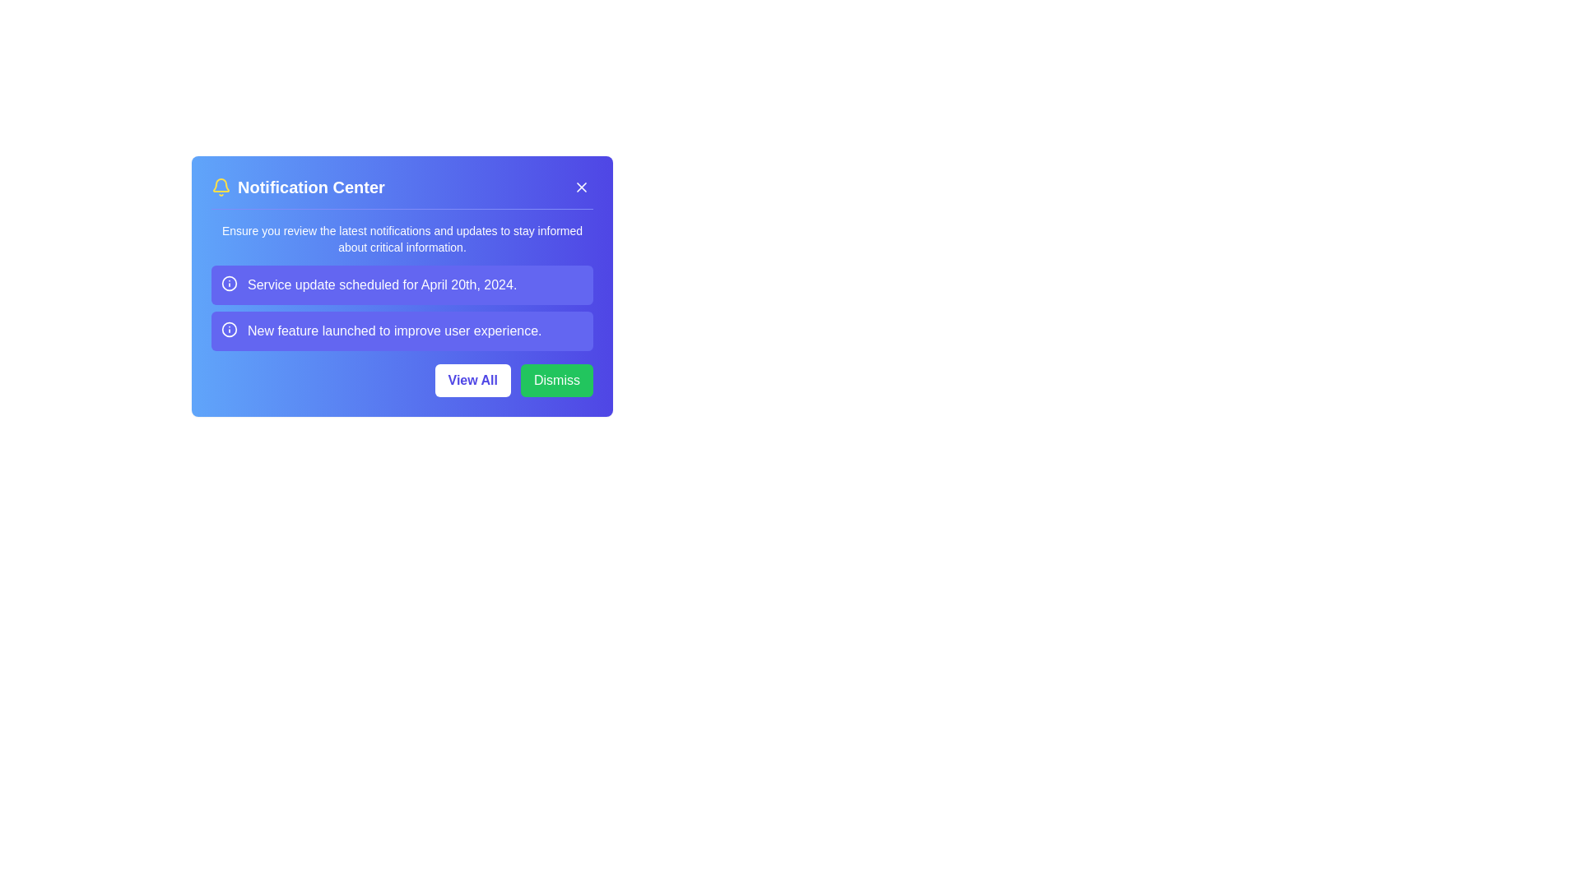 This screenshot has height=888, width=1580. What do you see at coordinates (402, 284) in the screenshot?
I see `notification which is the first item in the Notification Card, displaying 'Service update scheduled for April 20th, 2024.'` at bounding box center [402, 284].